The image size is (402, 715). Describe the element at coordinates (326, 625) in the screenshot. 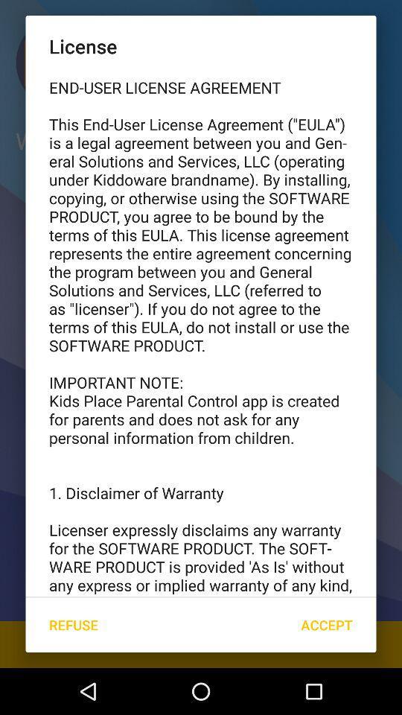

I see `the item to the right of refuse` at that location.